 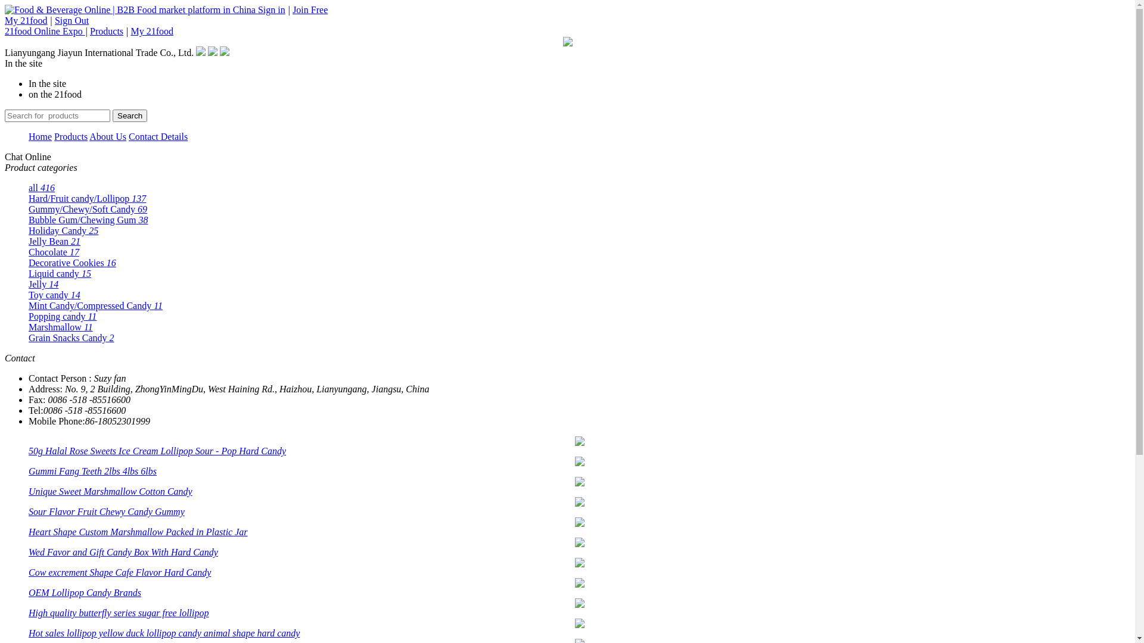 I want to click on 'Liquid candy 15', so click(x=59, y=273).